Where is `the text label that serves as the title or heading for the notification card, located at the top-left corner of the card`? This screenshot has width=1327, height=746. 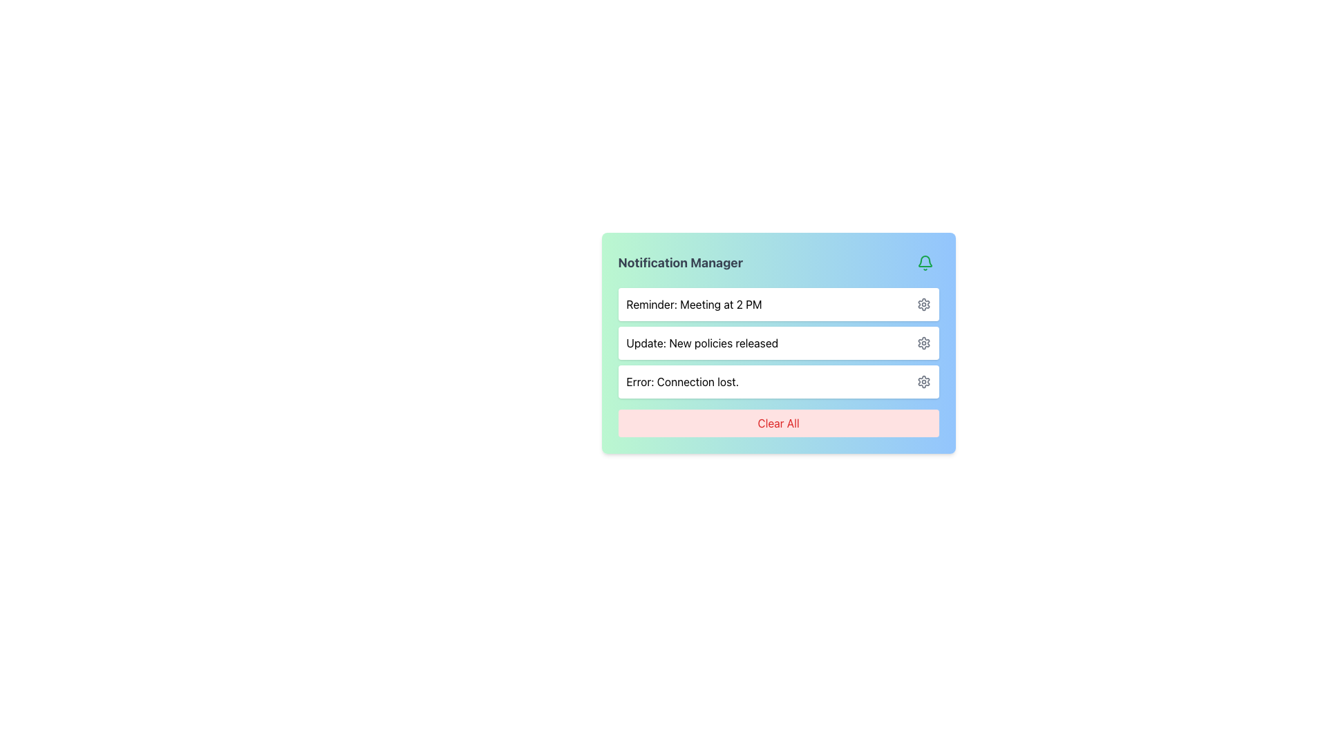
the text label that serves as the title or heading for the notification card, located at the top-left corner of the card is located at coordinates (680, 263).